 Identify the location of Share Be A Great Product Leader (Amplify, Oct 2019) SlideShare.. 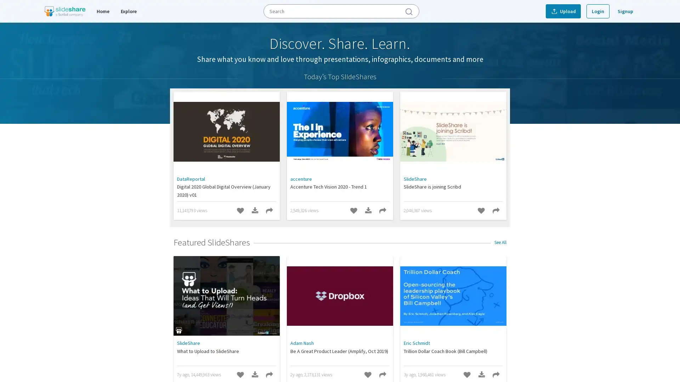
(382, 374).